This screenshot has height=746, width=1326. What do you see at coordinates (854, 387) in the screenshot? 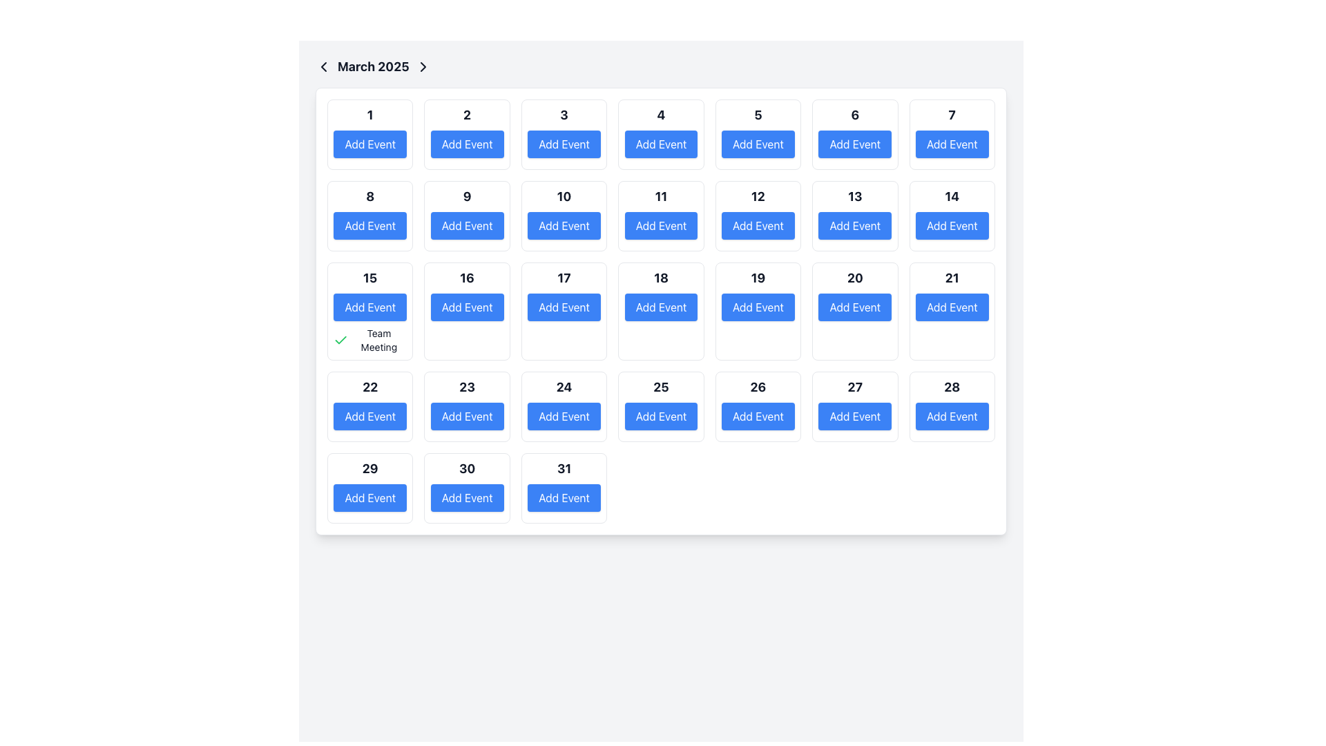
I see `the bold and large-sized numeric text '27' located at the top of the rectangular card for the 27th day of the month in the calendar grid layout` at bounding box center [854, 387].